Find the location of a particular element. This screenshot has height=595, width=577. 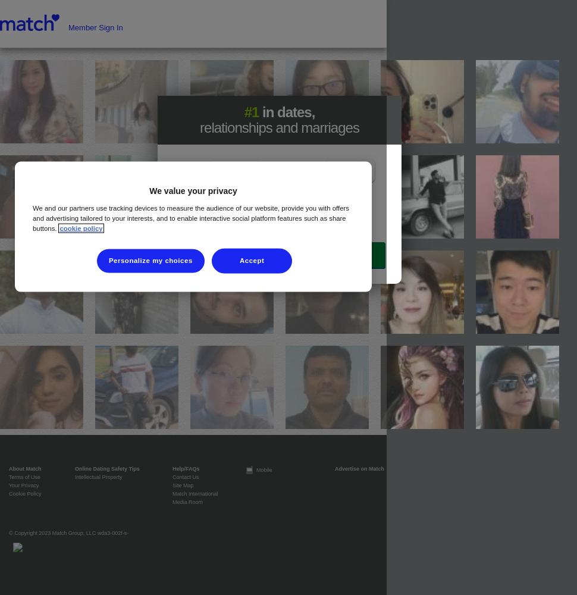

'#1' is located at coordinates (251, 112).